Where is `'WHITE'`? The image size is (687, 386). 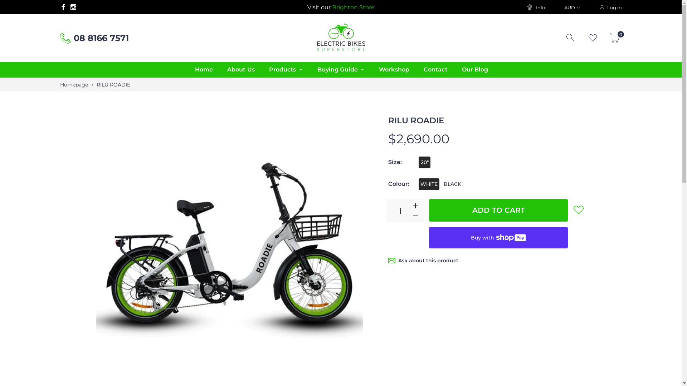
'WHITE' is located at coordinates (429, 184).